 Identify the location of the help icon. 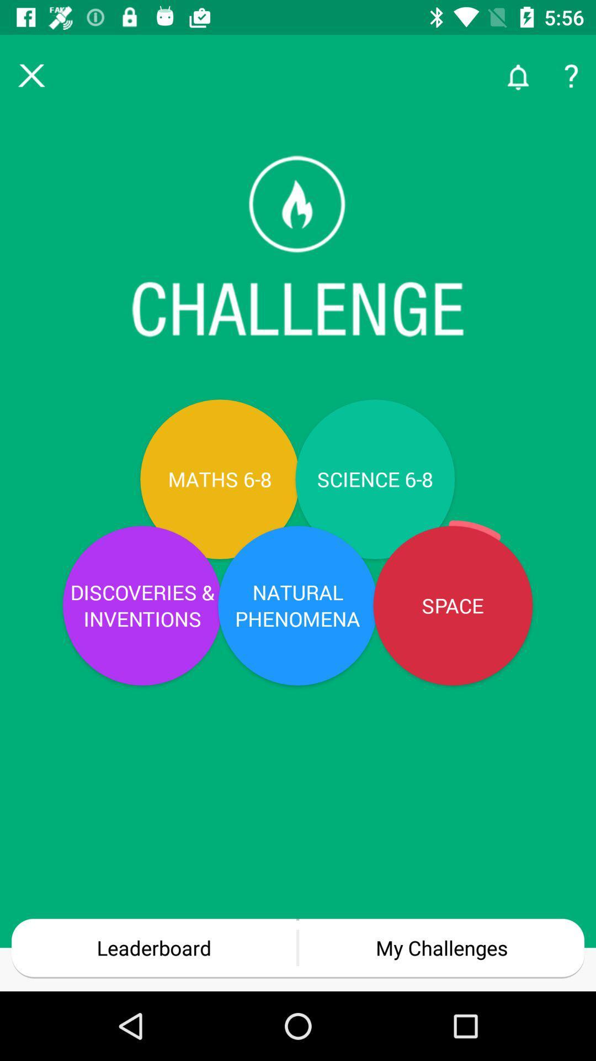
(571, 75).